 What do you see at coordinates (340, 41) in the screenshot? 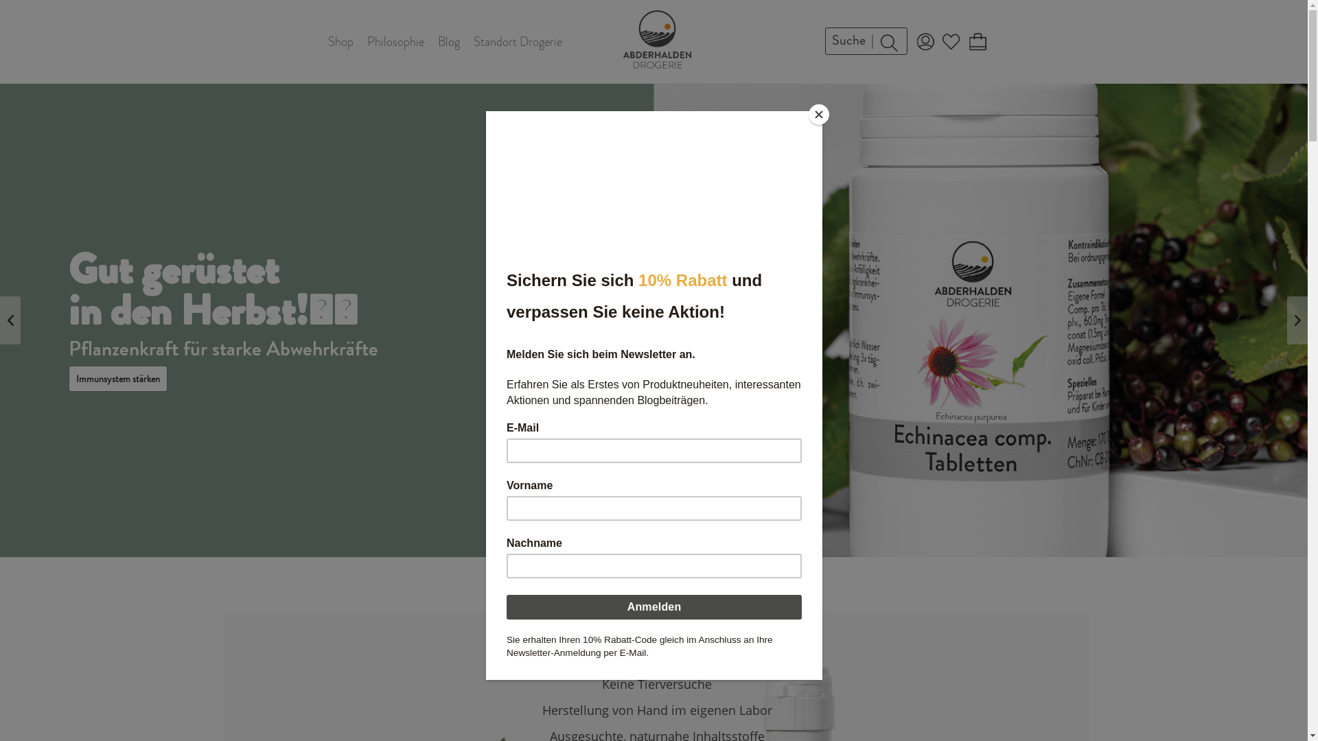
I see `'Shop'` at bounding box center [340, 41].